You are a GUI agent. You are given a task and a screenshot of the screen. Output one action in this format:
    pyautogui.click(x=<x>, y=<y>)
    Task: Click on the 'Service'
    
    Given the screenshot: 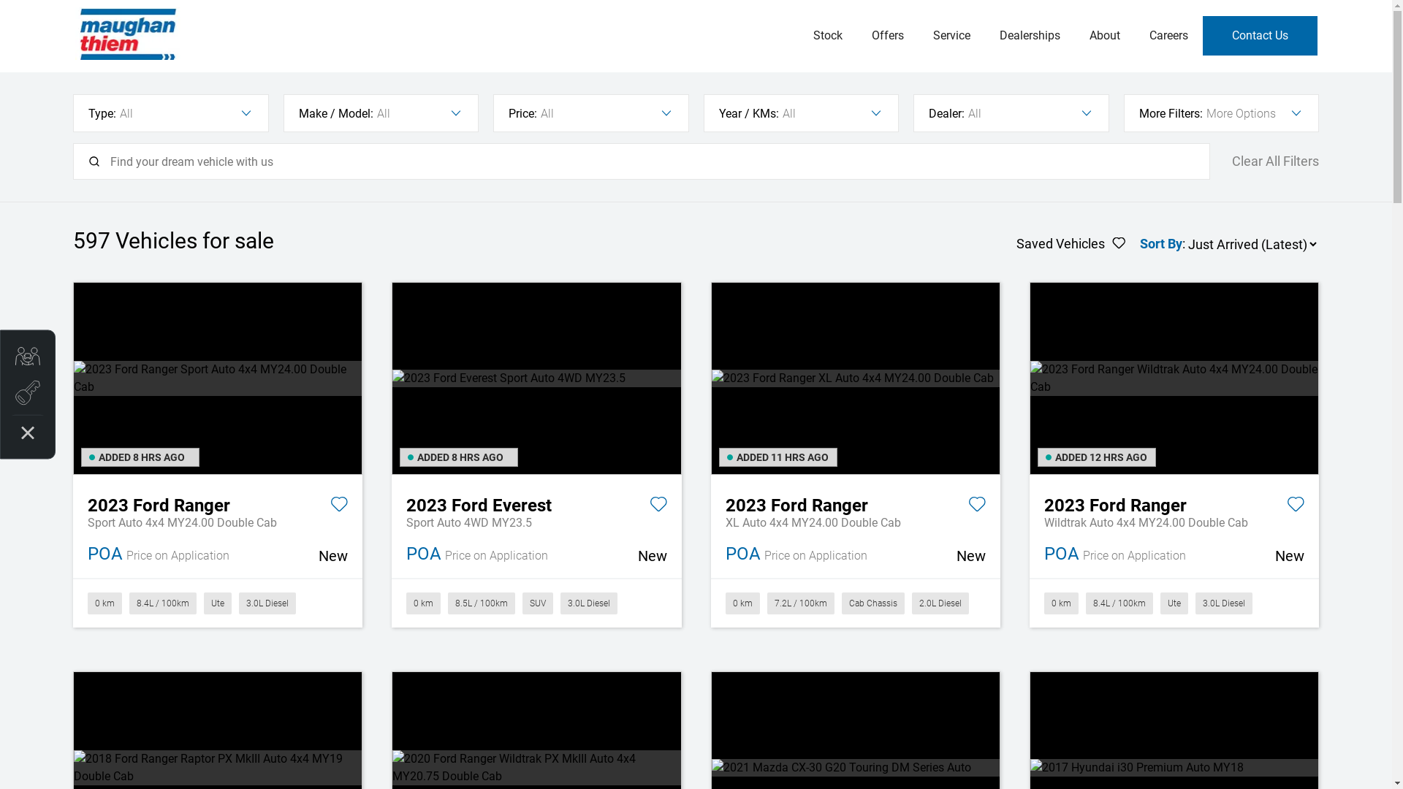 What is the action you would take?
    pyautogui.click(x=917, y=35)
    